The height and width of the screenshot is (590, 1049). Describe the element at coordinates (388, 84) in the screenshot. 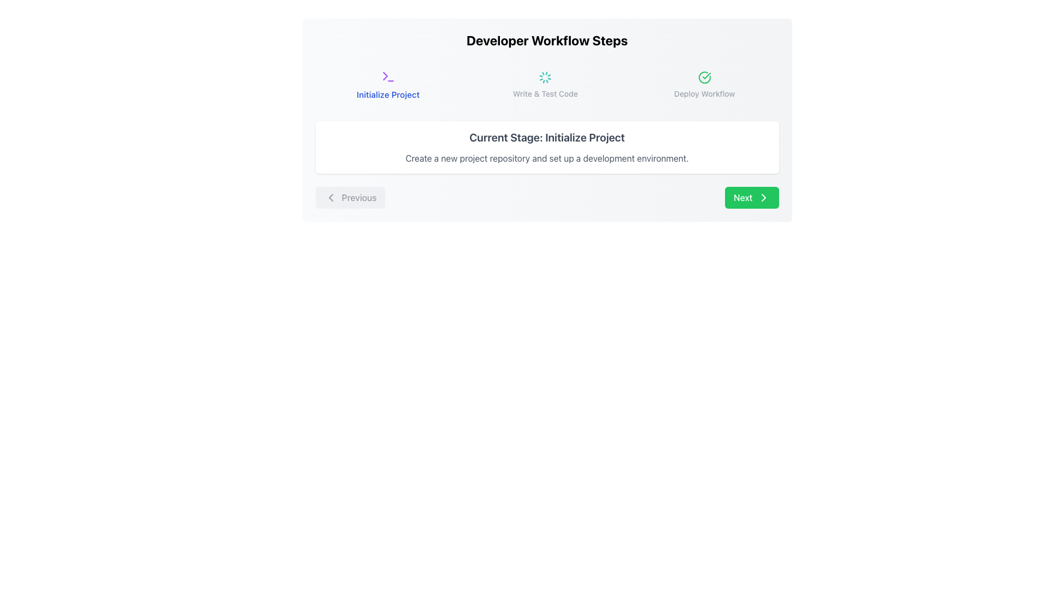

I see `the 'Initialize Project' step button in the workflow navigation bar, which is the leftmost button in the 'Developer Workflow Steps' section` at that location.